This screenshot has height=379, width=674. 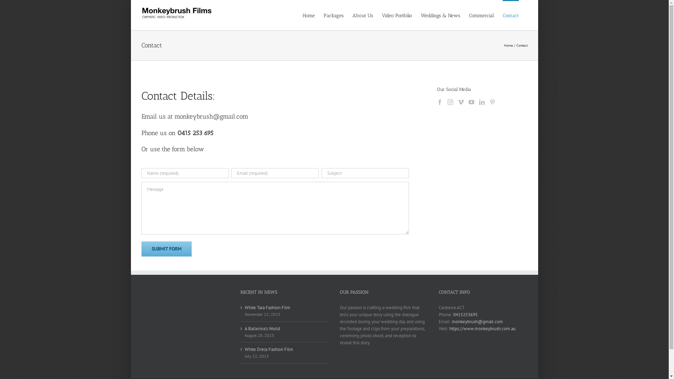 I want to click on 'Weddings & News', so click(x=421, y=15).